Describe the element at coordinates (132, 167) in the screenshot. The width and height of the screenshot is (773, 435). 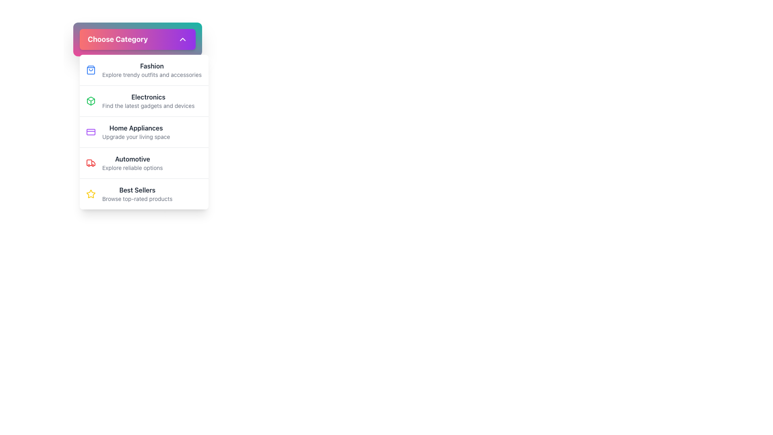
I see `the text label that provides additional descriptive information related to the 'Automotive' section, positioned directly below the heading 'Automotive.'` at that location.